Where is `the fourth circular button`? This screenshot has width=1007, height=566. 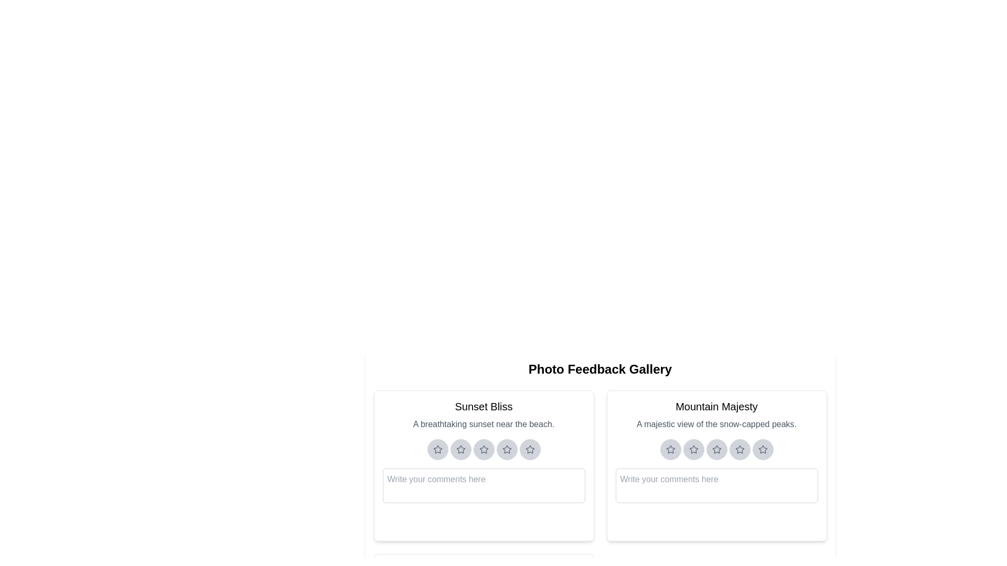
the fourth circular button is located at coordinates (507, 449).